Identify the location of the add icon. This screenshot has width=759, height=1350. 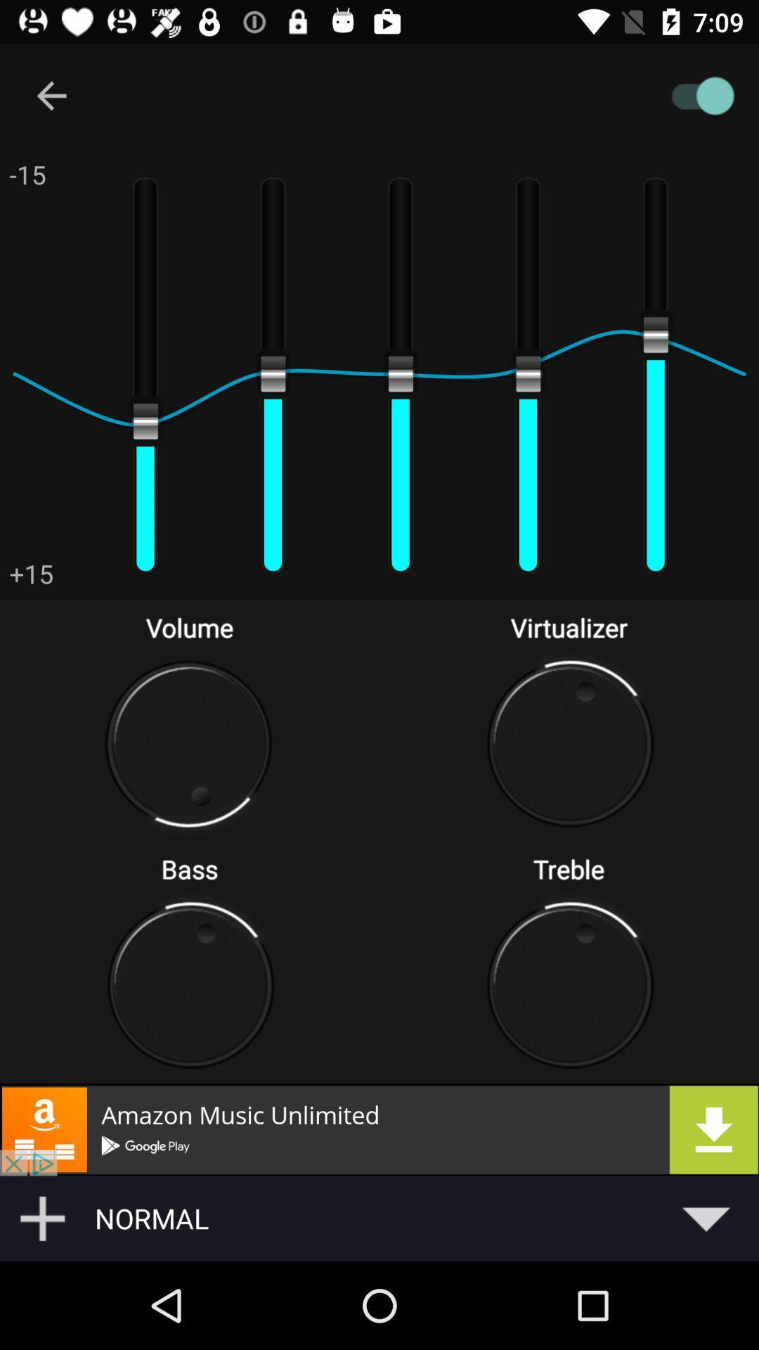
(41, 1218).